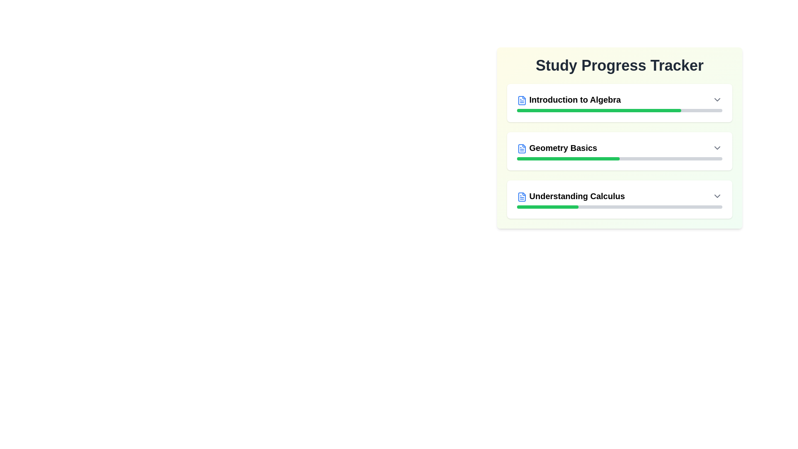  I want to click on the heading of the progress tracker panel titled 'Understanding Calculus' for navigation or details, so click(620, 199).